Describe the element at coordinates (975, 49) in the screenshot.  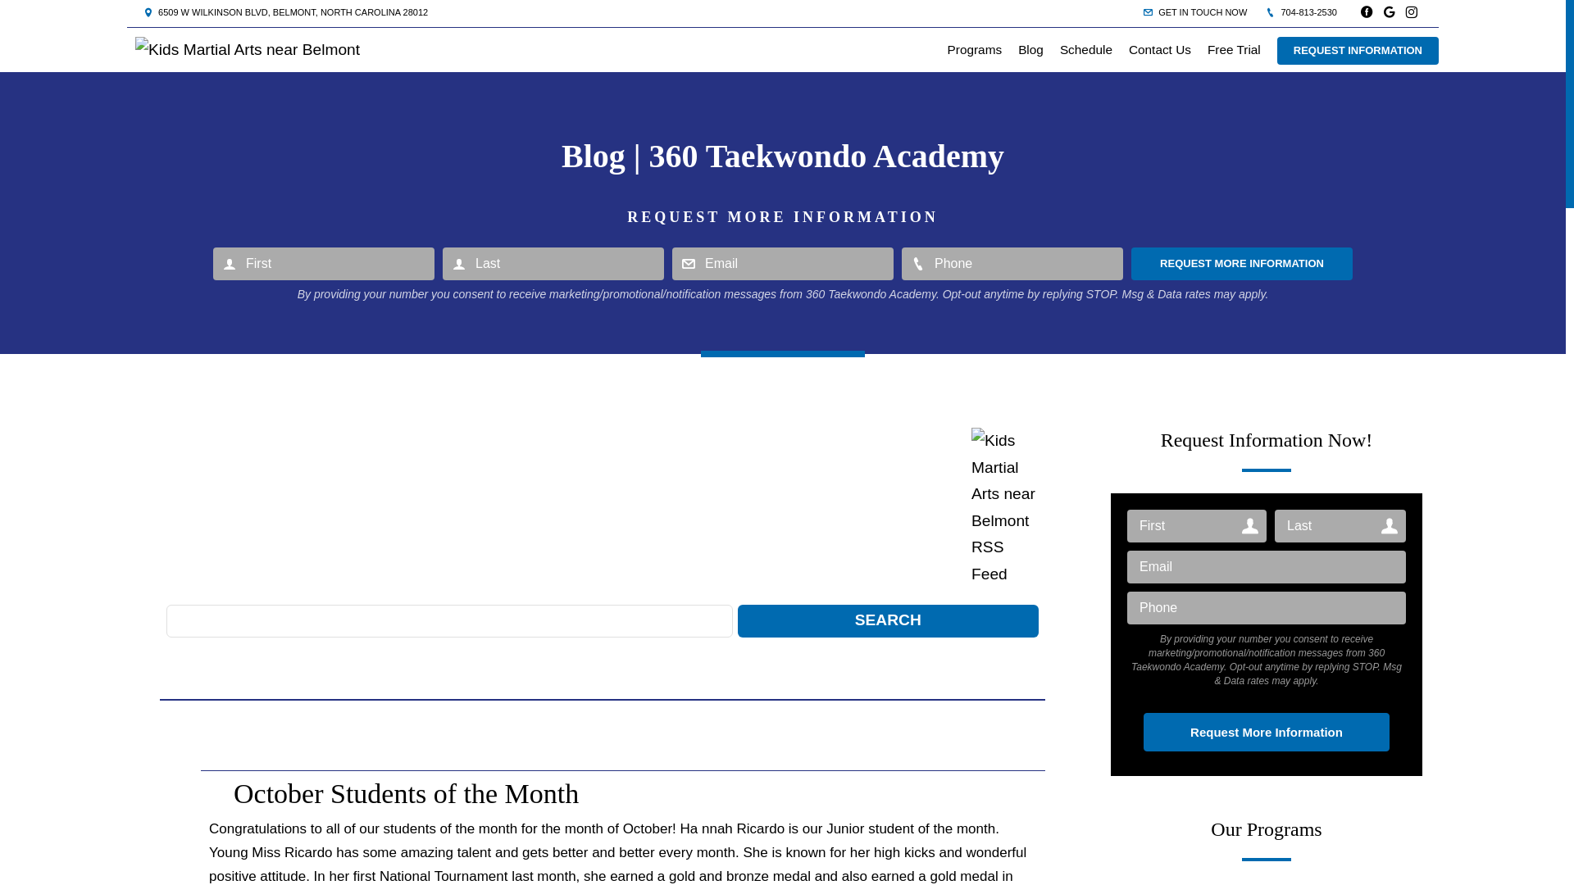
I see `'Programs'` at that location.